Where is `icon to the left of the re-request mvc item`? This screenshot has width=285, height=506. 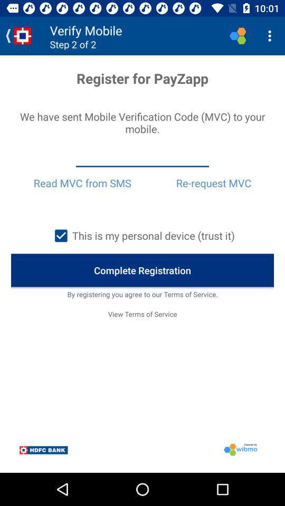 icon to the left of the re-request mvc item is located at coordinates (82, 183).